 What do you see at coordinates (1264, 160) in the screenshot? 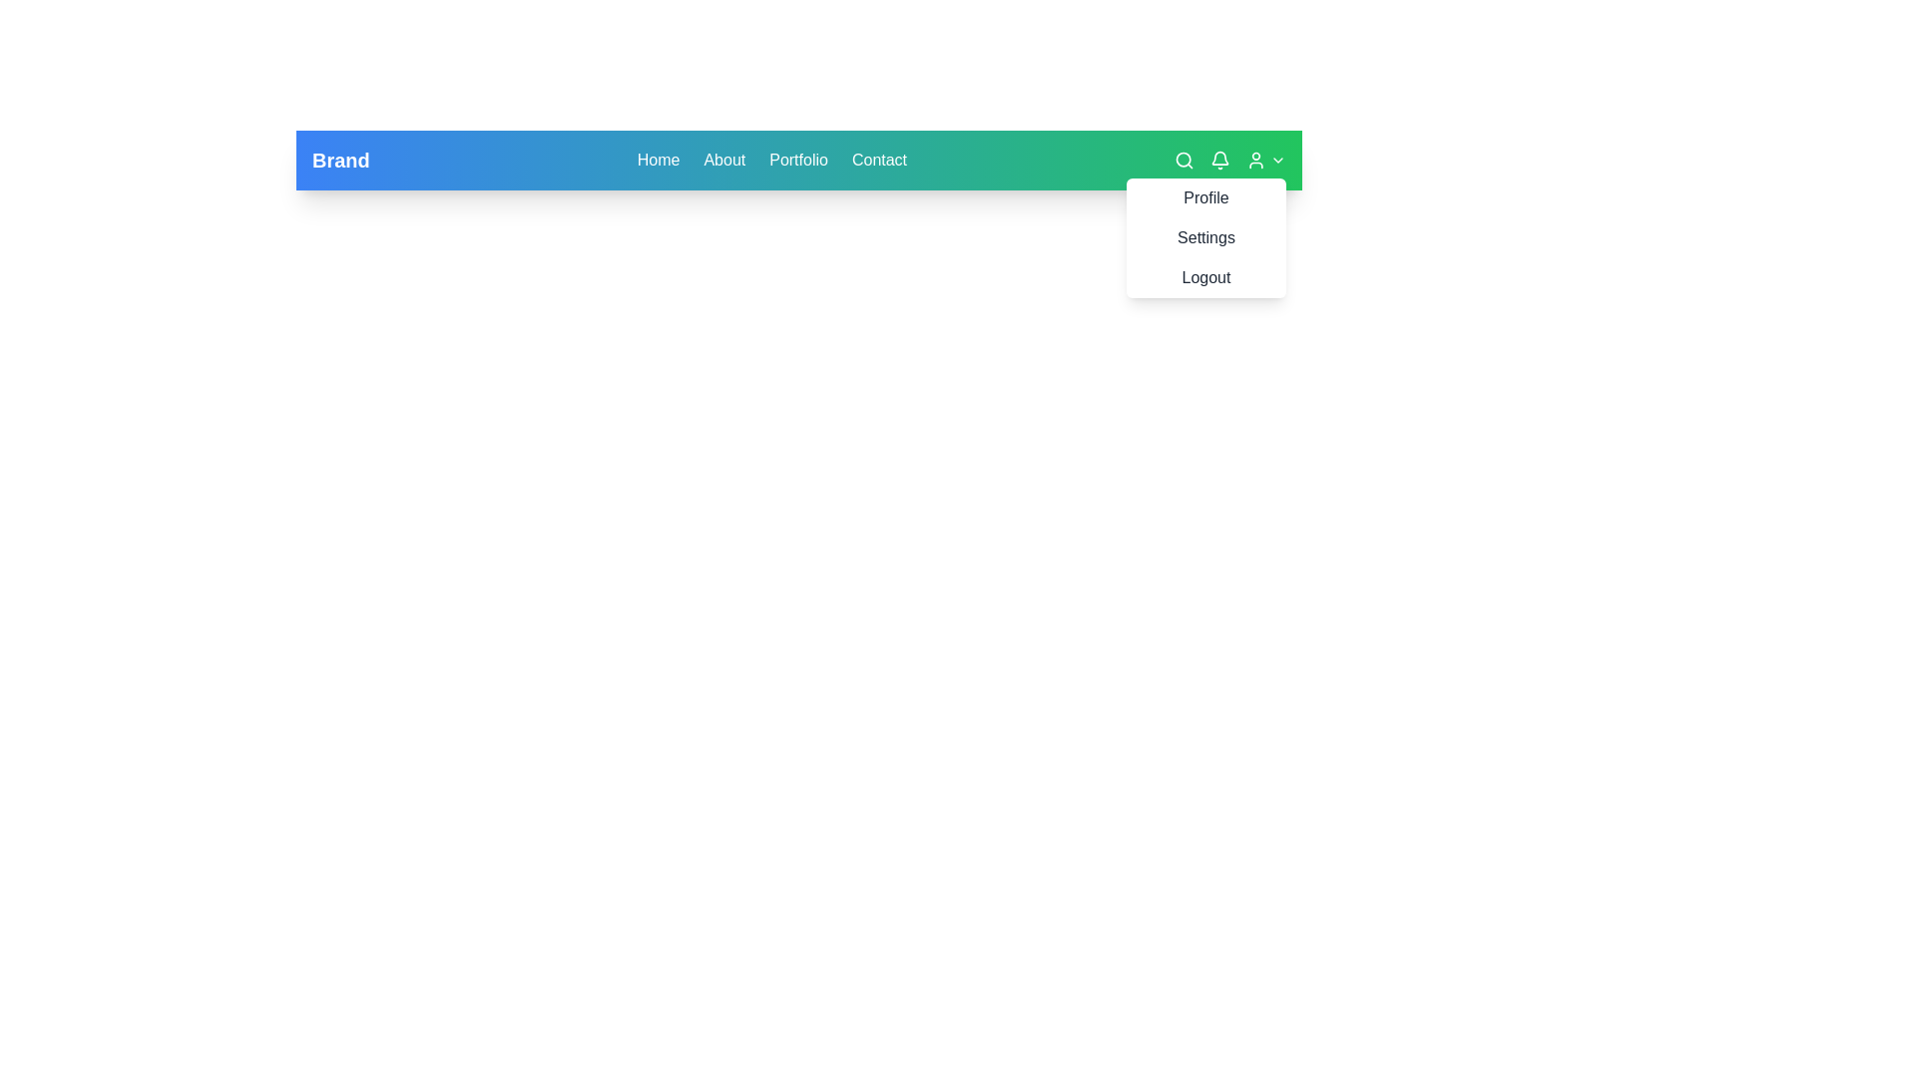
I see `the Dropdown menu trigger with user and chevron icons located on a green background in the top navigation bar` at bounding box center [1264, 160].